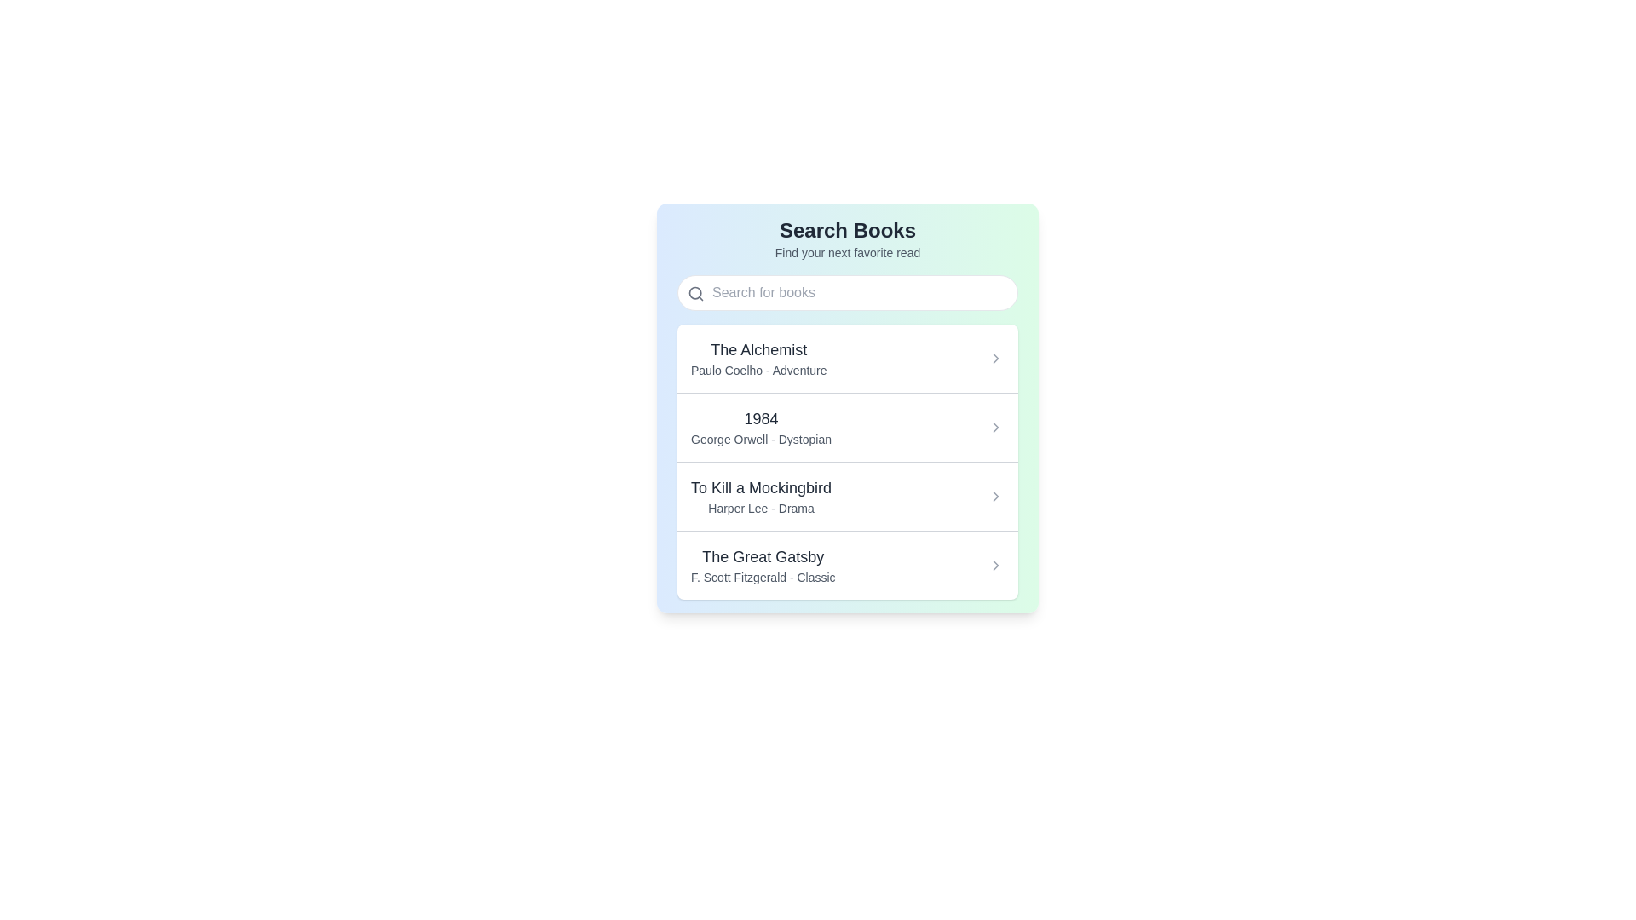 The width and height of the screenshot is (1636, 920). I want to click on the triangular right arrow icon used for navigation, located to the right of the text '1984', so click(996, 426).